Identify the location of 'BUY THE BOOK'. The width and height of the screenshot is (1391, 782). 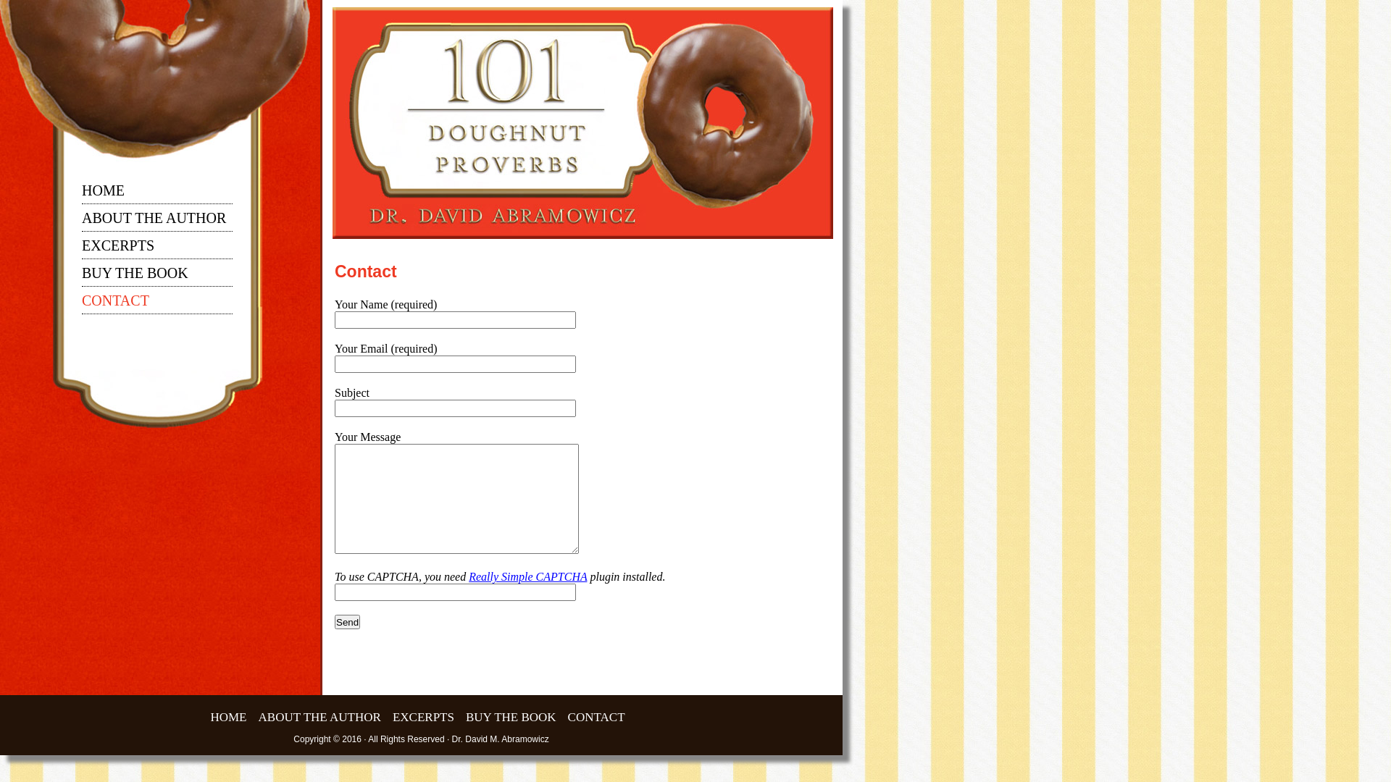
(135, 276).